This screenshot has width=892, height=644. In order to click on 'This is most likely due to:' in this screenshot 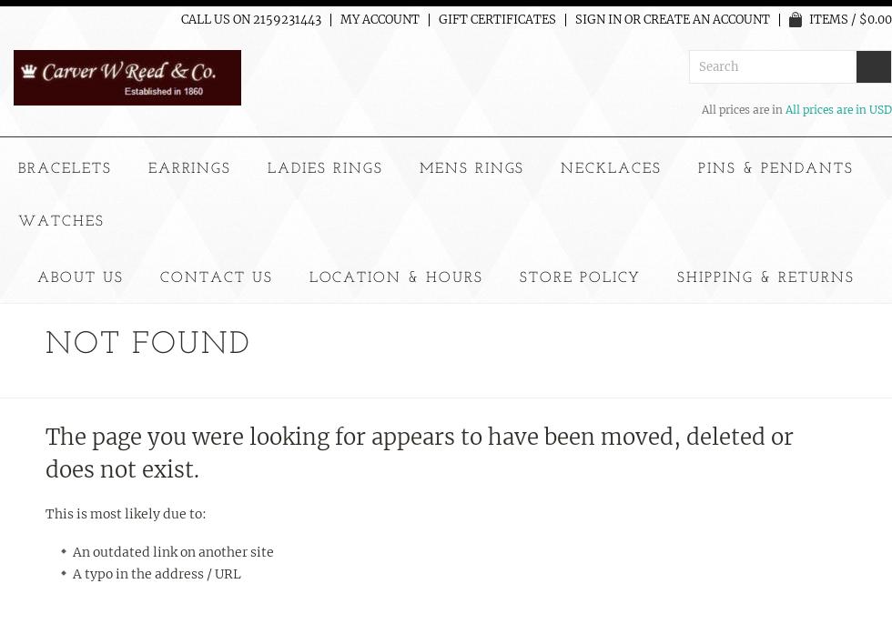, I will do `click(126, 511)`.